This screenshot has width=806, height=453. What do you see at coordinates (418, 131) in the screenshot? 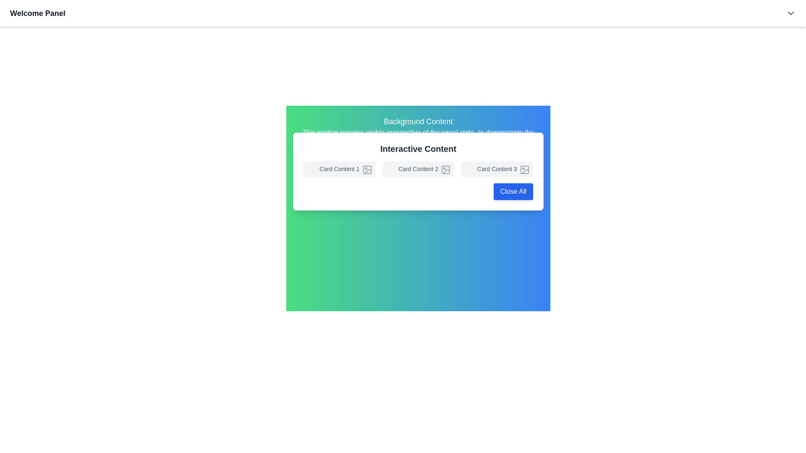
I see `the text block with a gradient background and white text, positioned above the white panel labeled 'Interactive Content'` at bounding box center [418, 131].